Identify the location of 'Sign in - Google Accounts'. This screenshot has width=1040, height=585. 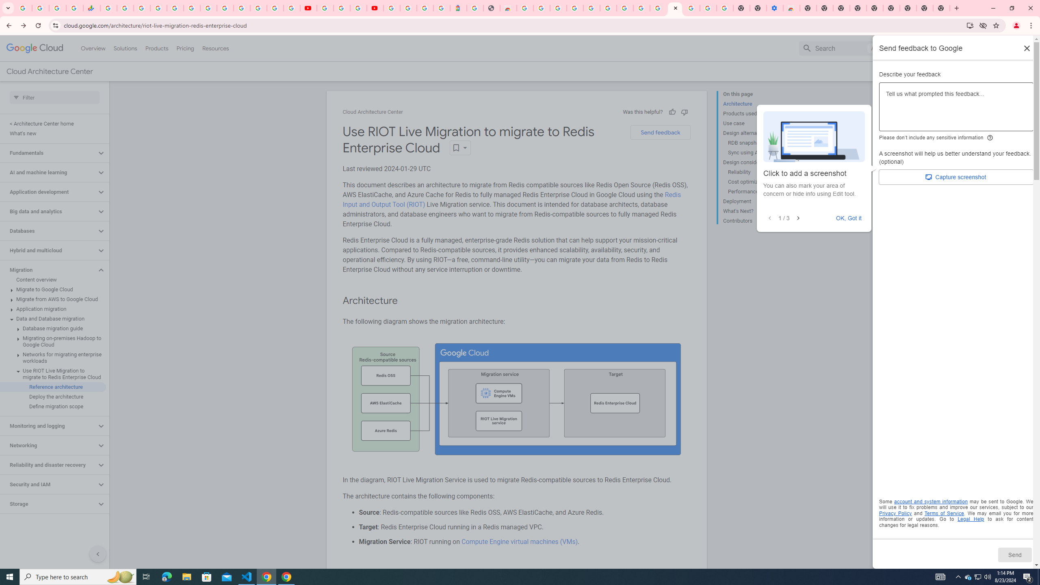
(158, 8).